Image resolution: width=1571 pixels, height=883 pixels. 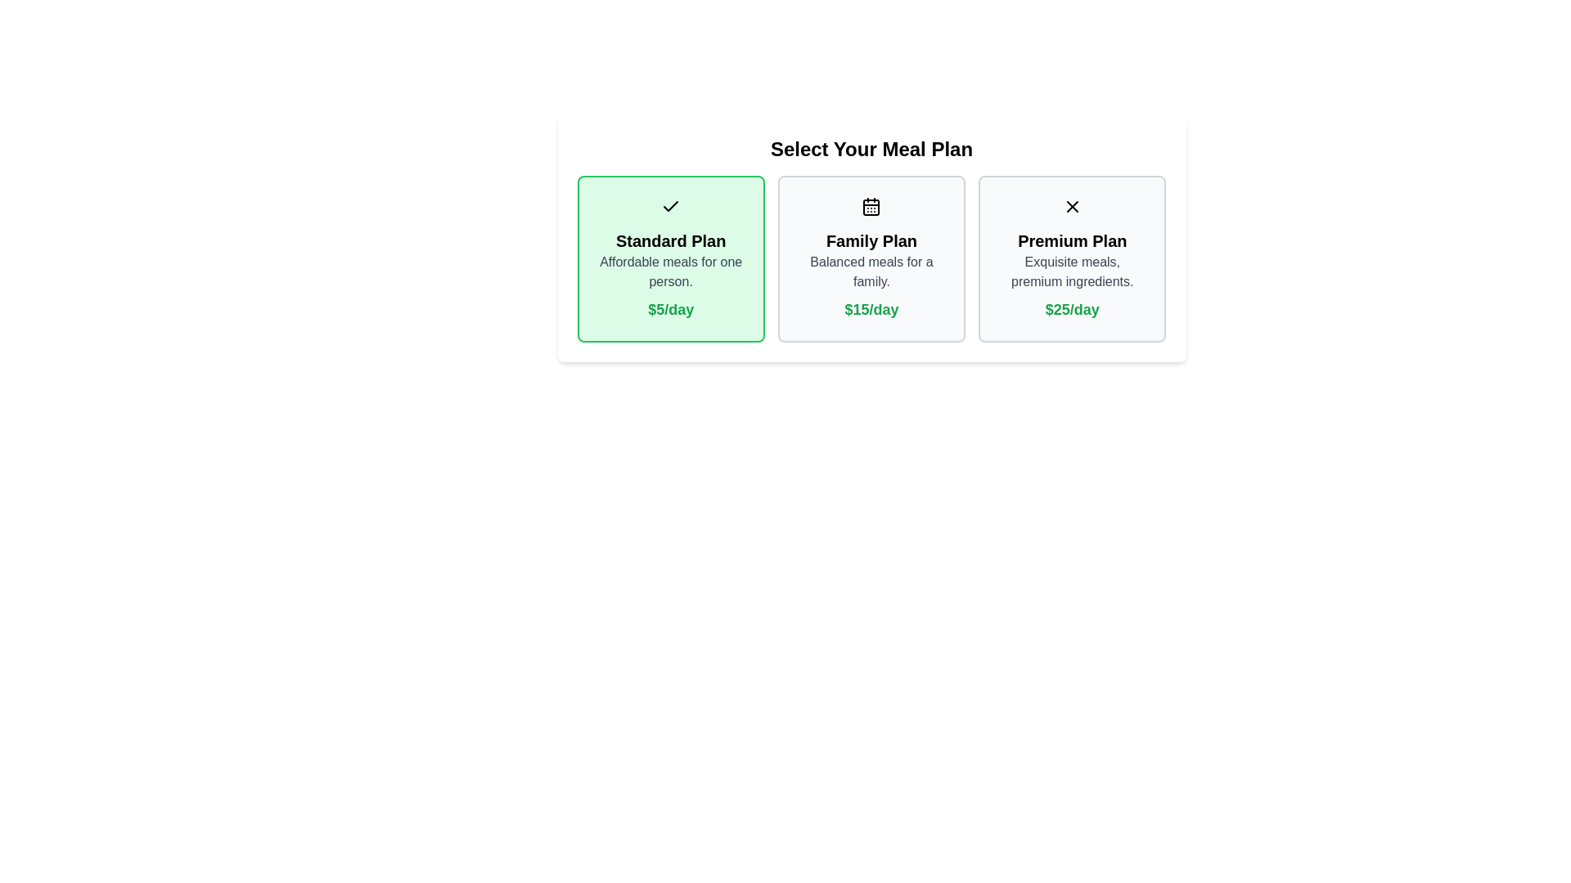 What do you see at coordinates (671, 240) in the screenshot?
I see `the Text Label that serves as the title for the Standard Plan meal option, located at the center of the light green rectangular card labeled 'Standard Plan'` at bounding box center [671, 240].